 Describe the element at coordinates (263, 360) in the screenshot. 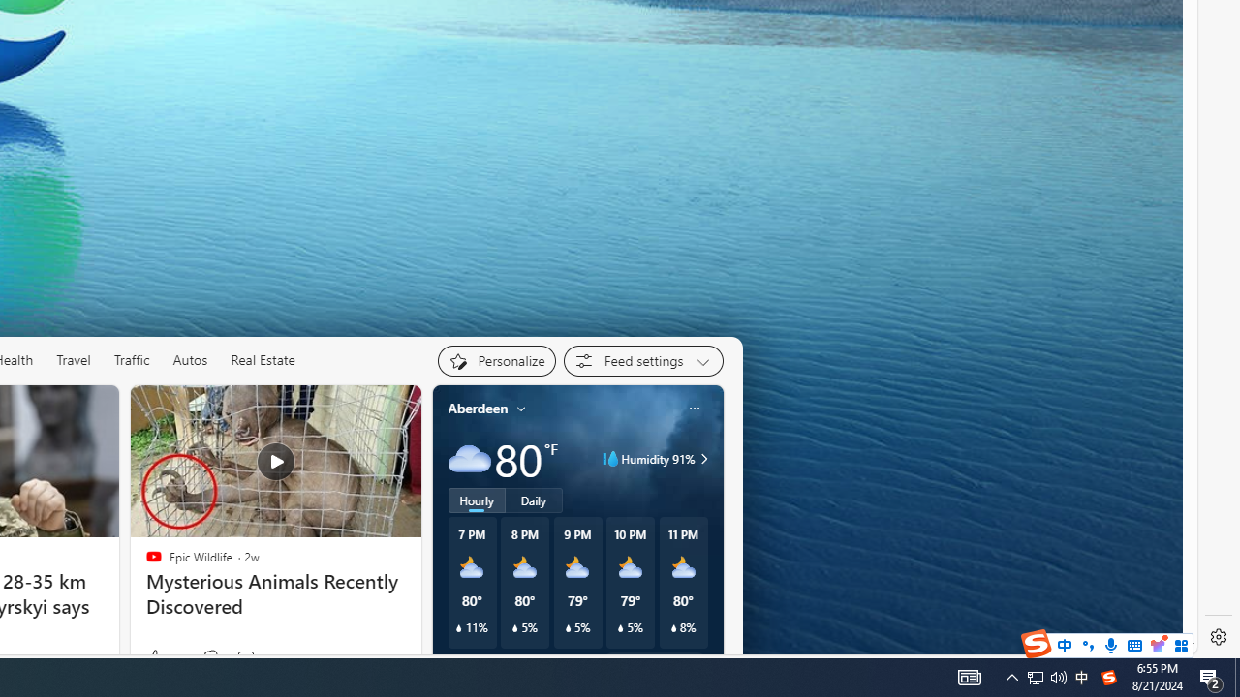

I see `'Real Estate'` at that location.